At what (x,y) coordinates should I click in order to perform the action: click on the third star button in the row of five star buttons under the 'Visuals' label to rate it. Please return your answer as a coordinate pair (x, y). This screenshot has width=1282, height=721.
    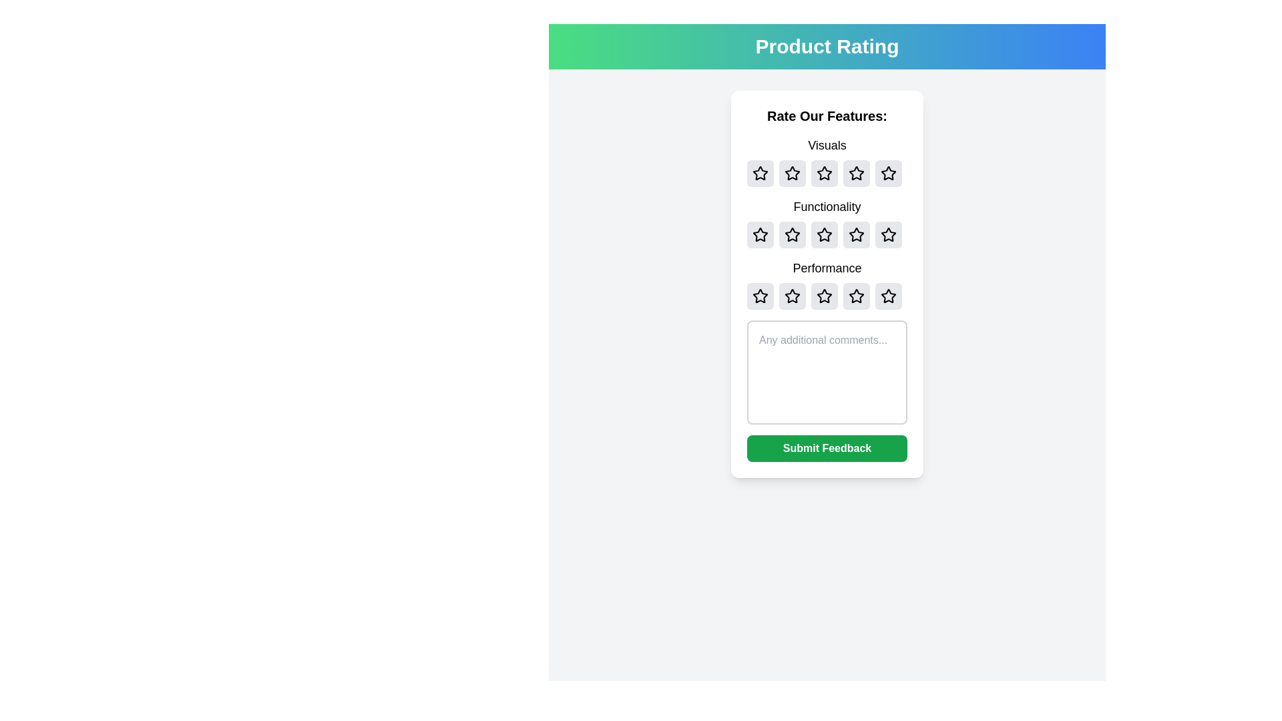
    Looking at the image, I should click on (826, 161).